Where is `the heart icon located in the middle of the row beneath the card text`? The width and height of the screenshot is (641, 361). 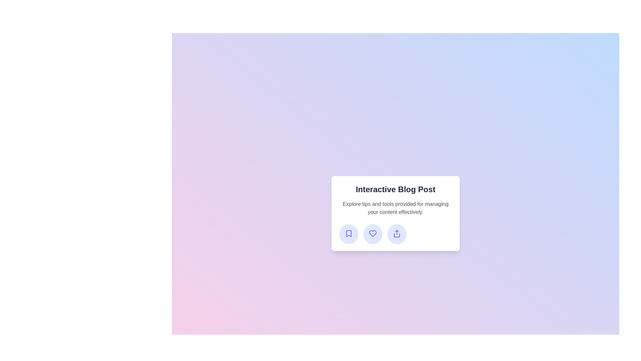
the heart icon located in the middle of the row beneath the card text is located at coordinates (373, 233).